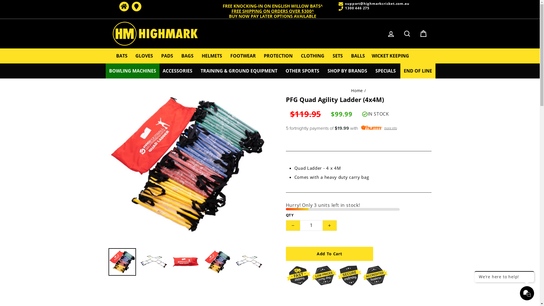 The image size is (544, 306). Describe the element at coordinates (132, 71) in the screenshot. I see `'BOWLING MACHINES'` at that location.